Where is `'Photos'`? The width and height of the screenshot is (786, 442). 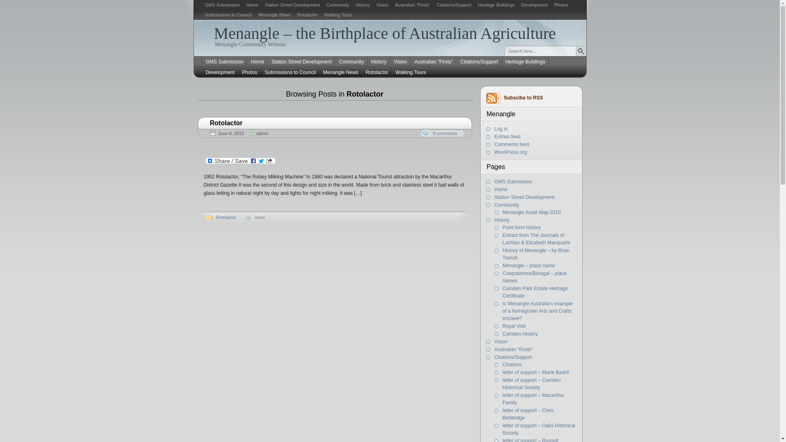 'Photos' is located at coordinates (561, 5).